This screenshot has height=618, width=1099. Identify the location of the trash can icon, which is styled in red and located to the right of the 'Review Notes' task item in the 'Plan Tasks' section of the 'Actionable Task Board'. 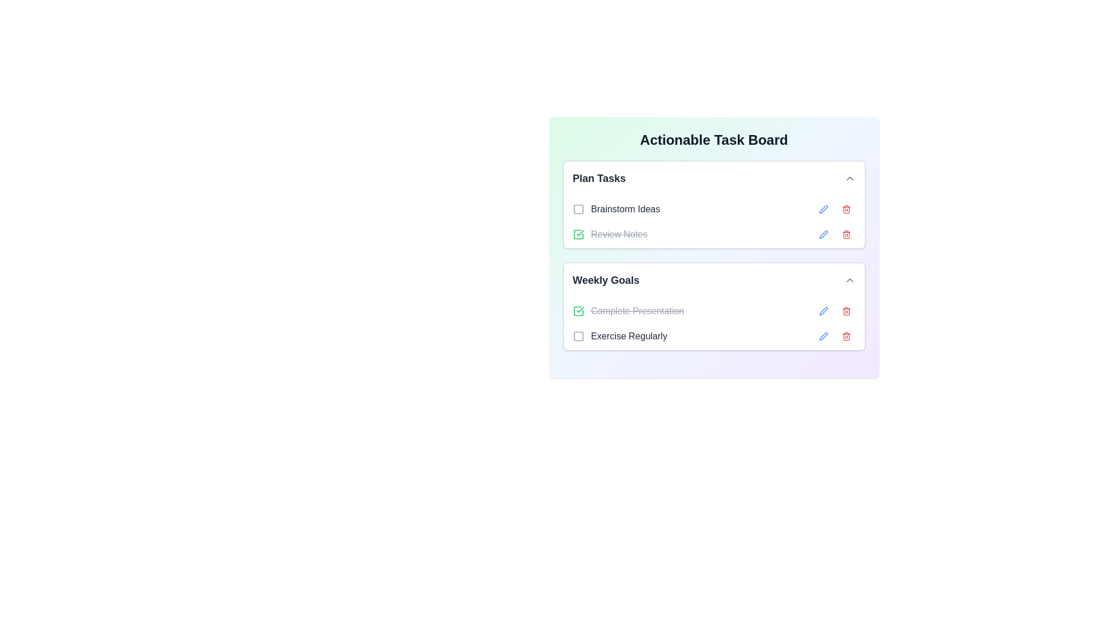
(846, 209).